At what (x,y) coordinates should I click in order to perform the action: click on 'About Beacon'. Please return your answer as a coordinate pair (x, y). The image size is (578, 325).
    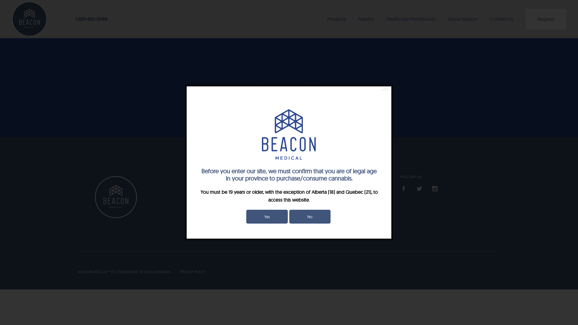
    Looking at the image, I should click on (462, 19).